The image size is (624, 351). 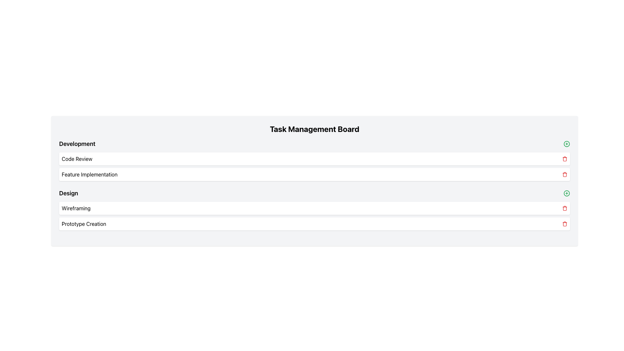 What do you see at coordinates (76, 208) in the screenshot?
I see `the 'Wireframing' label in the 'Design' category, which is the first item in the second row of the task management layout` at bounding box center [76, 208].